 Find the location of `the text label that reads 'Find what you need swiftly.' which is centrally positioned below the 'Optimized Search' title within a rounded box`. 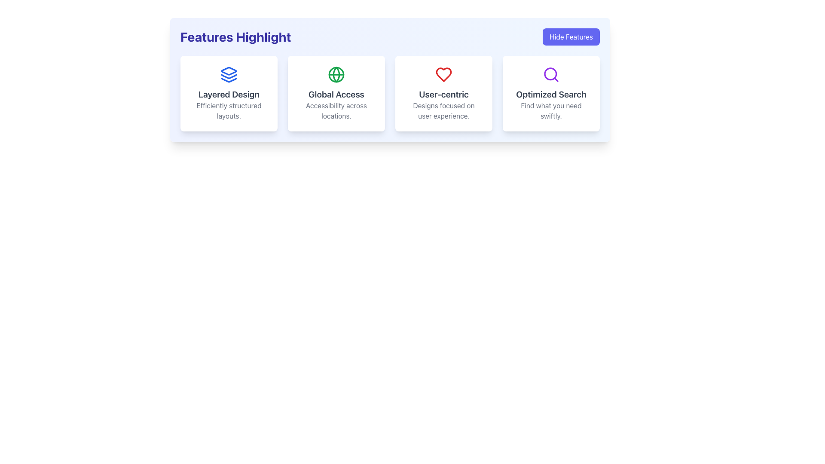

the text label that reads 'Find what you need swiftly.' which is centrally positioned below the 'Optimized Search' title within a rounded box is located at coordinates (551, 110).